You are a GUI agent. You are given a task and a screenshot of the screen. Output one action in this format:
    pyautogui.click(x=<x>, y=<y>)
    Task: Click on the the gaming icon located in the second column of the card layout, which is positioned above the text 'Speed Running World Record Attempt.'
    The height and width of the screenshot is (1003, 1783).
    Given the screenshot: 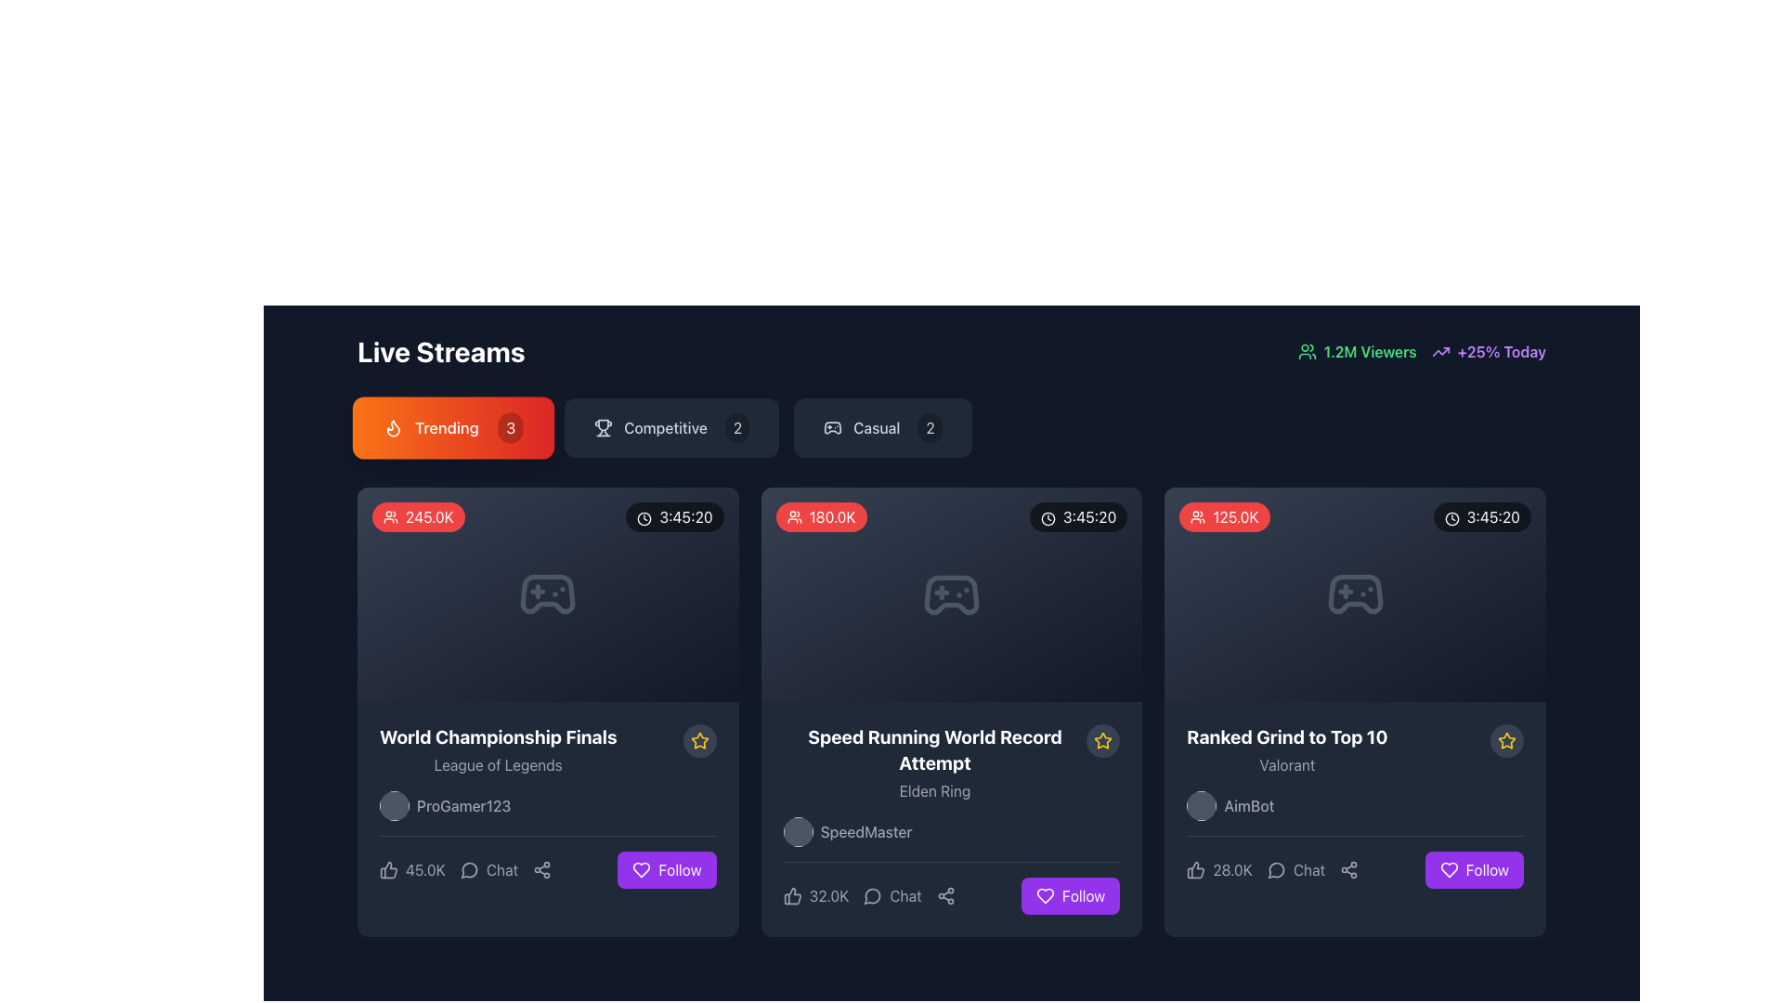 What is the action you would take?
    pyautogui.click(x=951, y=594)
    